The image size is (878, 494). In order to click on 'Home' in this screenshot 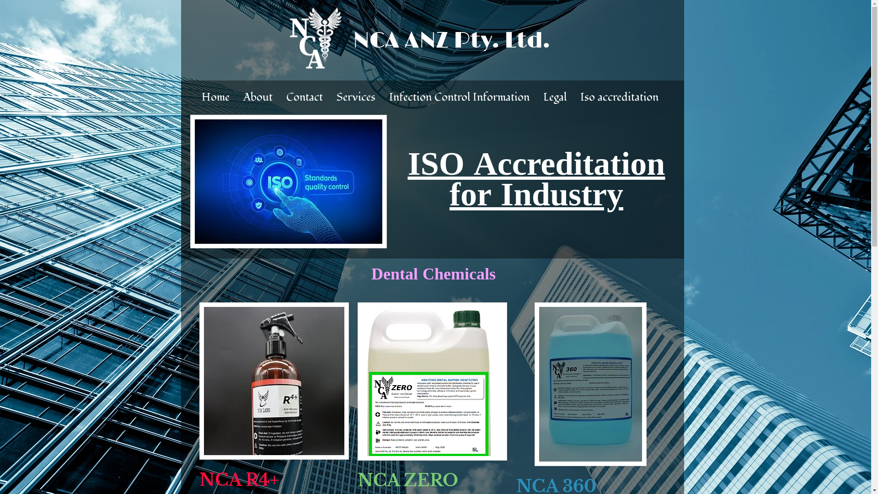, I will do `click(215, 97)`.